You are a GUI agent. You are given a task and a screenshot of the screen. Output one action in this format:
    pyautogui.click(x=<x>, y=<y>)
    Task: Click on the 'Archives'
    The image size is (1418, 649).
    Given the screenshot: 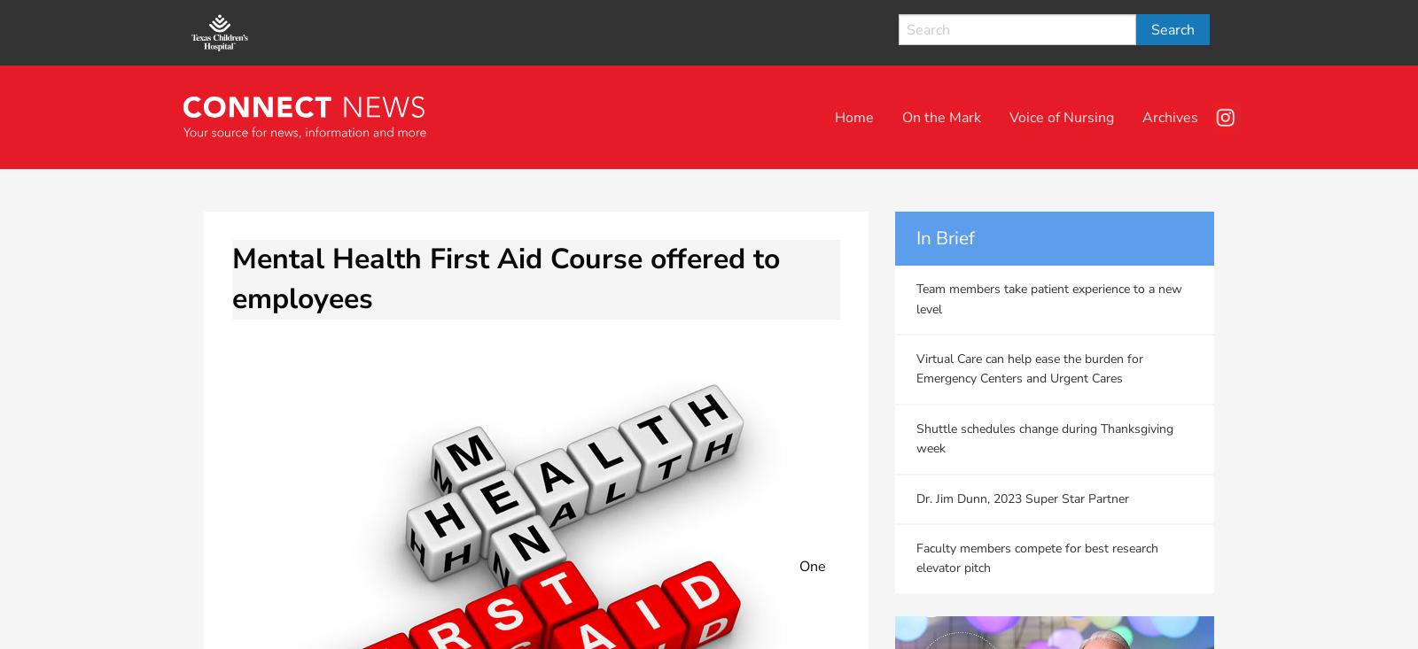 What is the action you would take?
    pyautogui.click(x=1169, y=117)
    